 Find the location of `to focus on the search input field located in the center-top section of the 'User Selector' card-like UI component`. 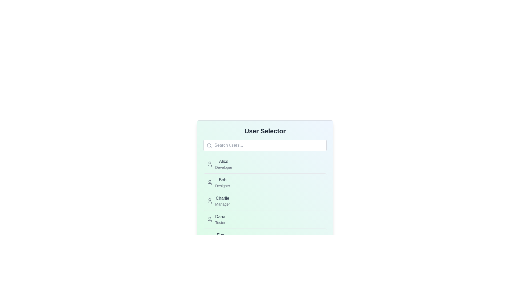

to focus on the search input field located in the center-top section of the 'User Selector' card-like UI component is located at coordinates (265, 145).